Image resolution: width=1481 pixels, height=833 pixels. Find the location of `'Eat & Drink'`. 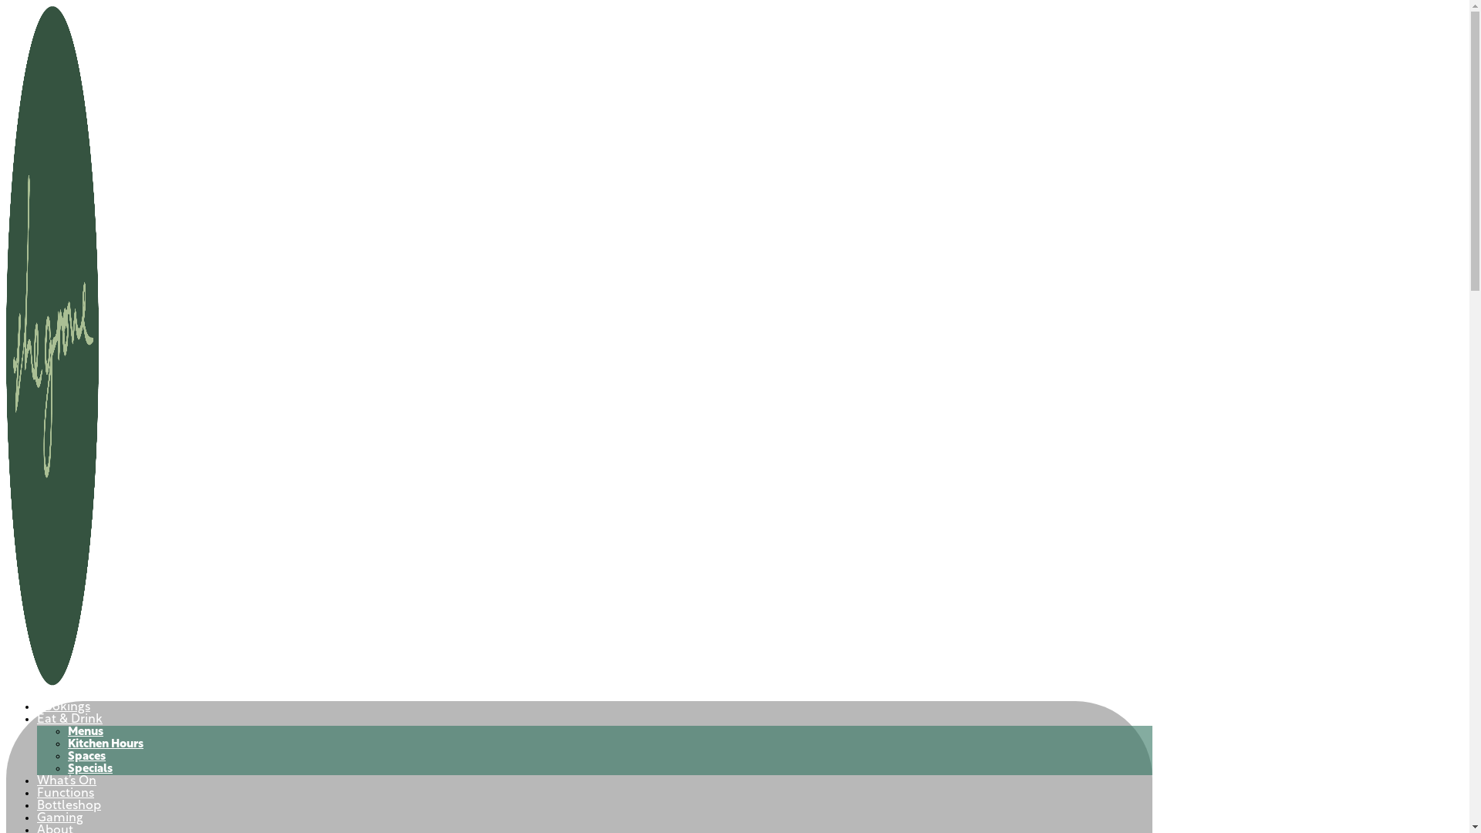

'Eat & Drink' is located at coordinates (69, 720).